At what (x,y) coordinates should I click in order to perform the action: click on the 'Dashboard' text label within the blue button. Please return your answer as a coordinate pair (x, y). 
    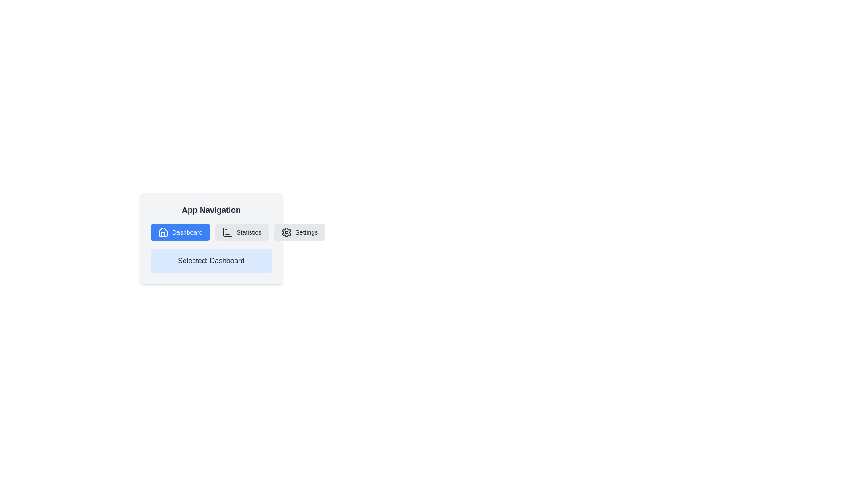
    Looking at the image, I should click on (187, 232).